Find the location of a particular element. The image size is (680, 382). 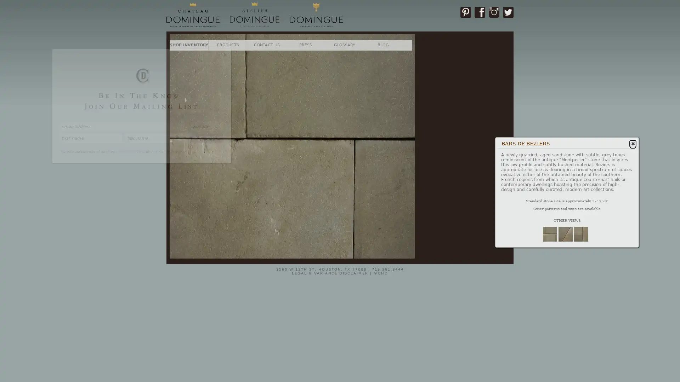

Close is located at coordinates (224, 54).